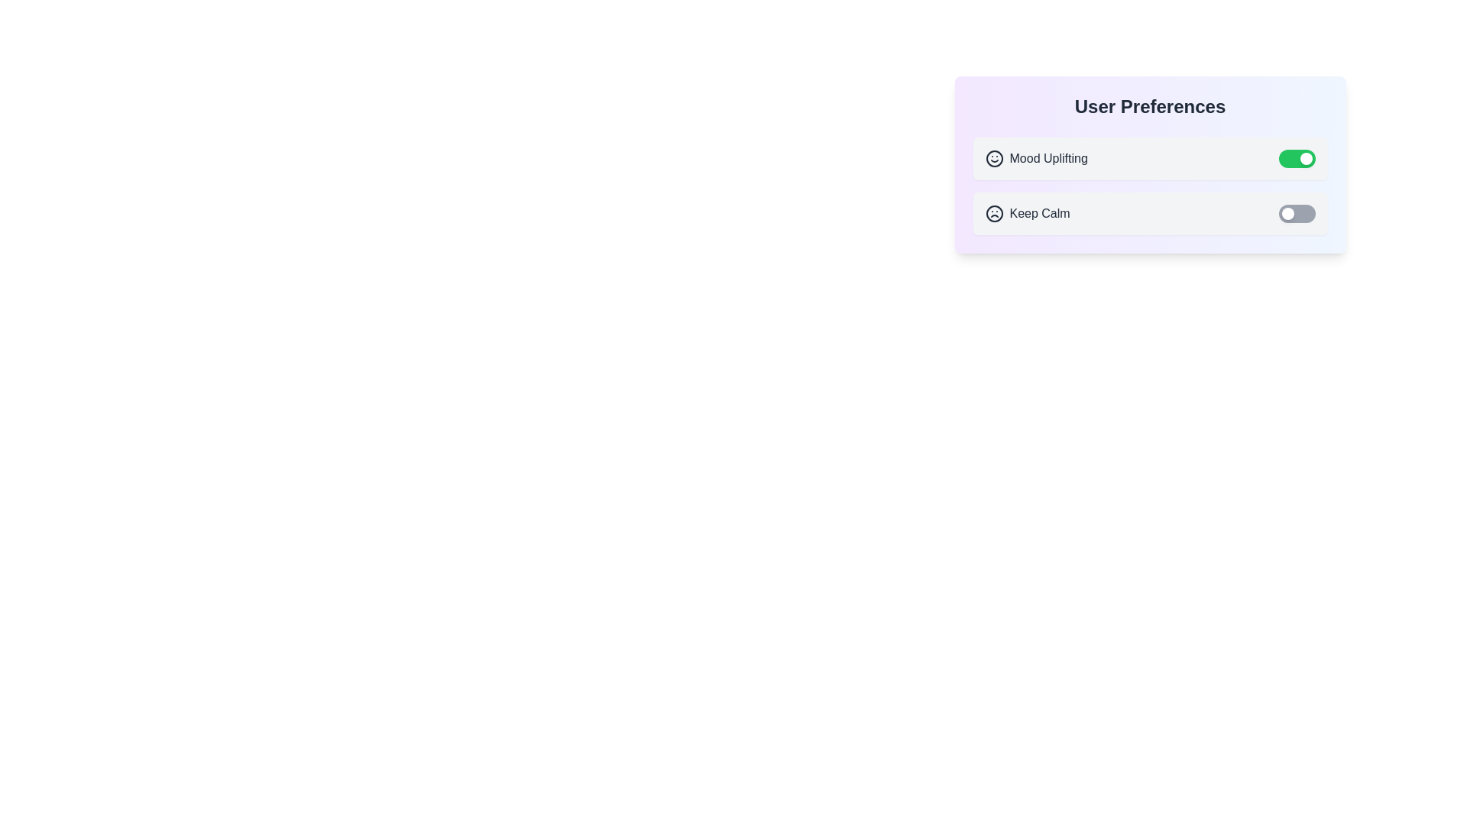 This screenshot has width=1467, height=825. I want to click on the label text with a sad face icon and the text 'Keep Calm', which is located in the second row under the title 'User Preferences', aligned horizontally beside the toggle switch, so click(1028, 214).